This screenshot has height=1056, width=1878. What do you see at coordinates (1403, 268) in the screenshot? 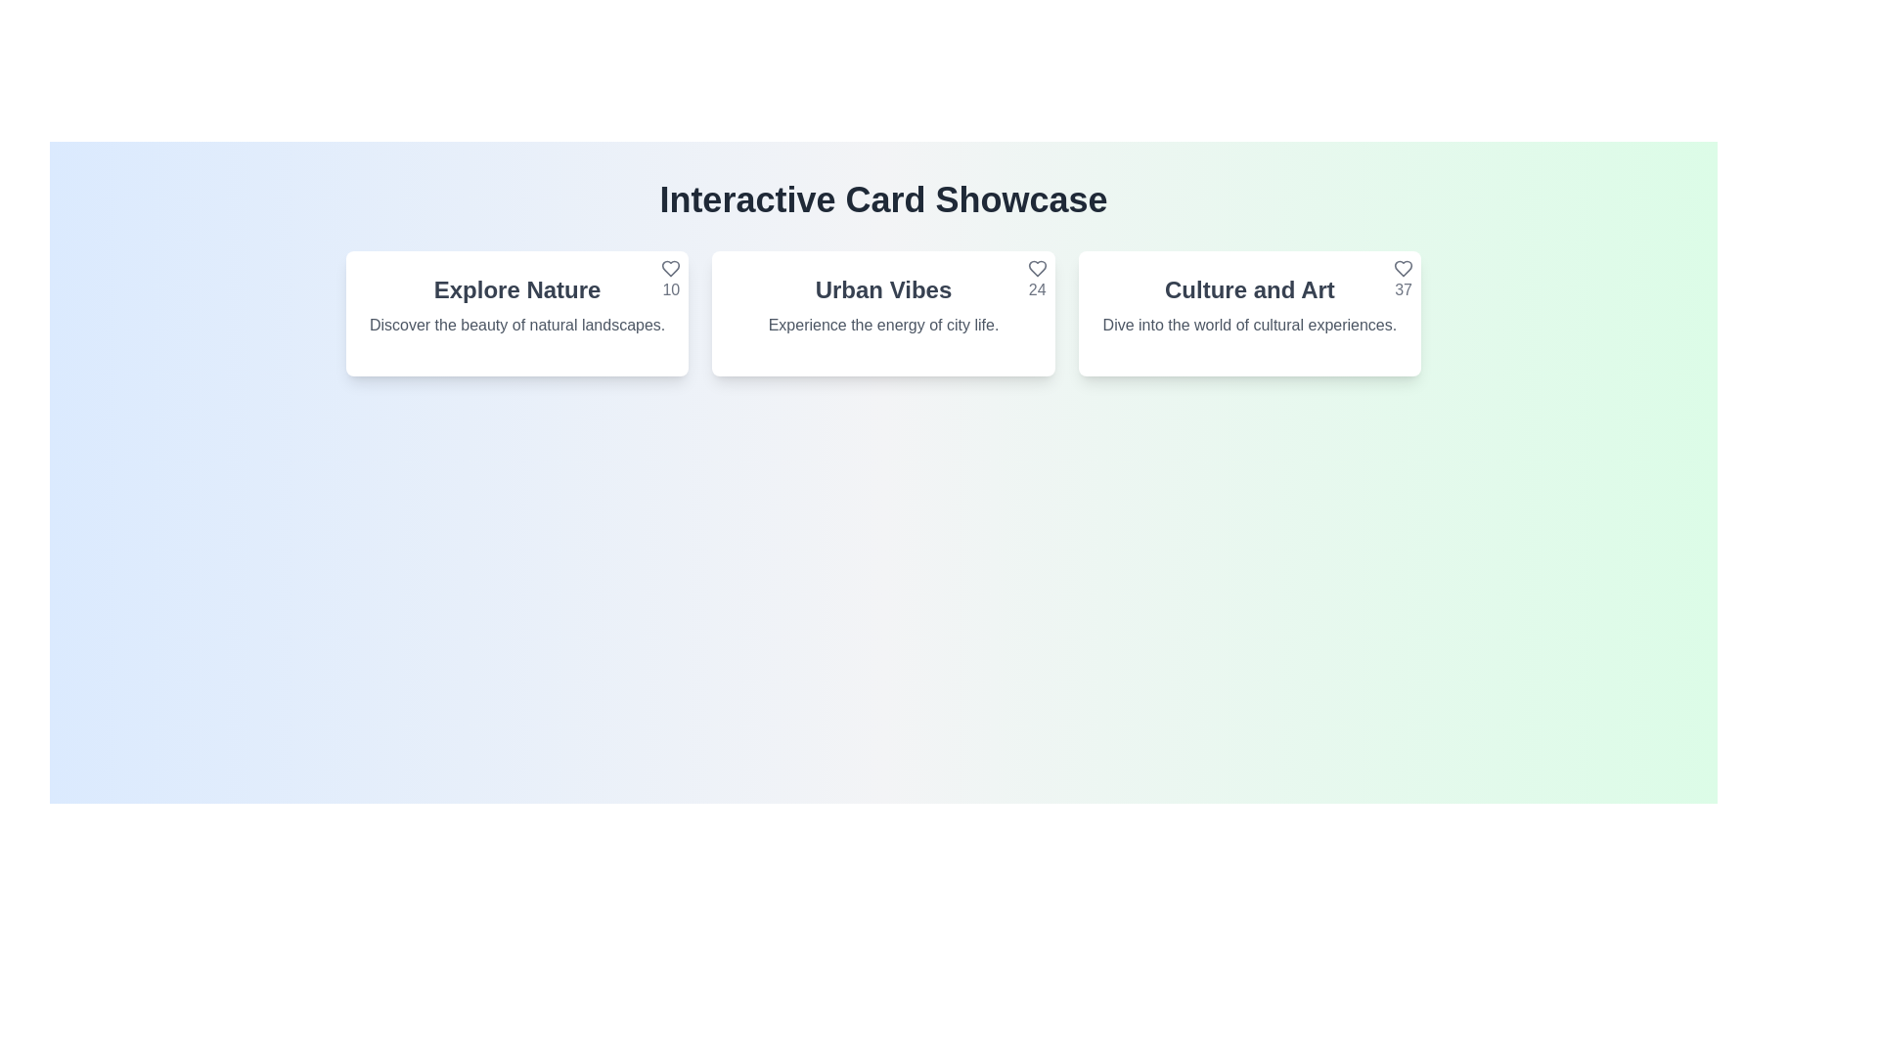
I see `the 'like' or 'favorite' icon located in the top-right corner of the third card labeled 'Culture and Art', adjacent to the numeric text '37'` at bounding box center [1403, 268].